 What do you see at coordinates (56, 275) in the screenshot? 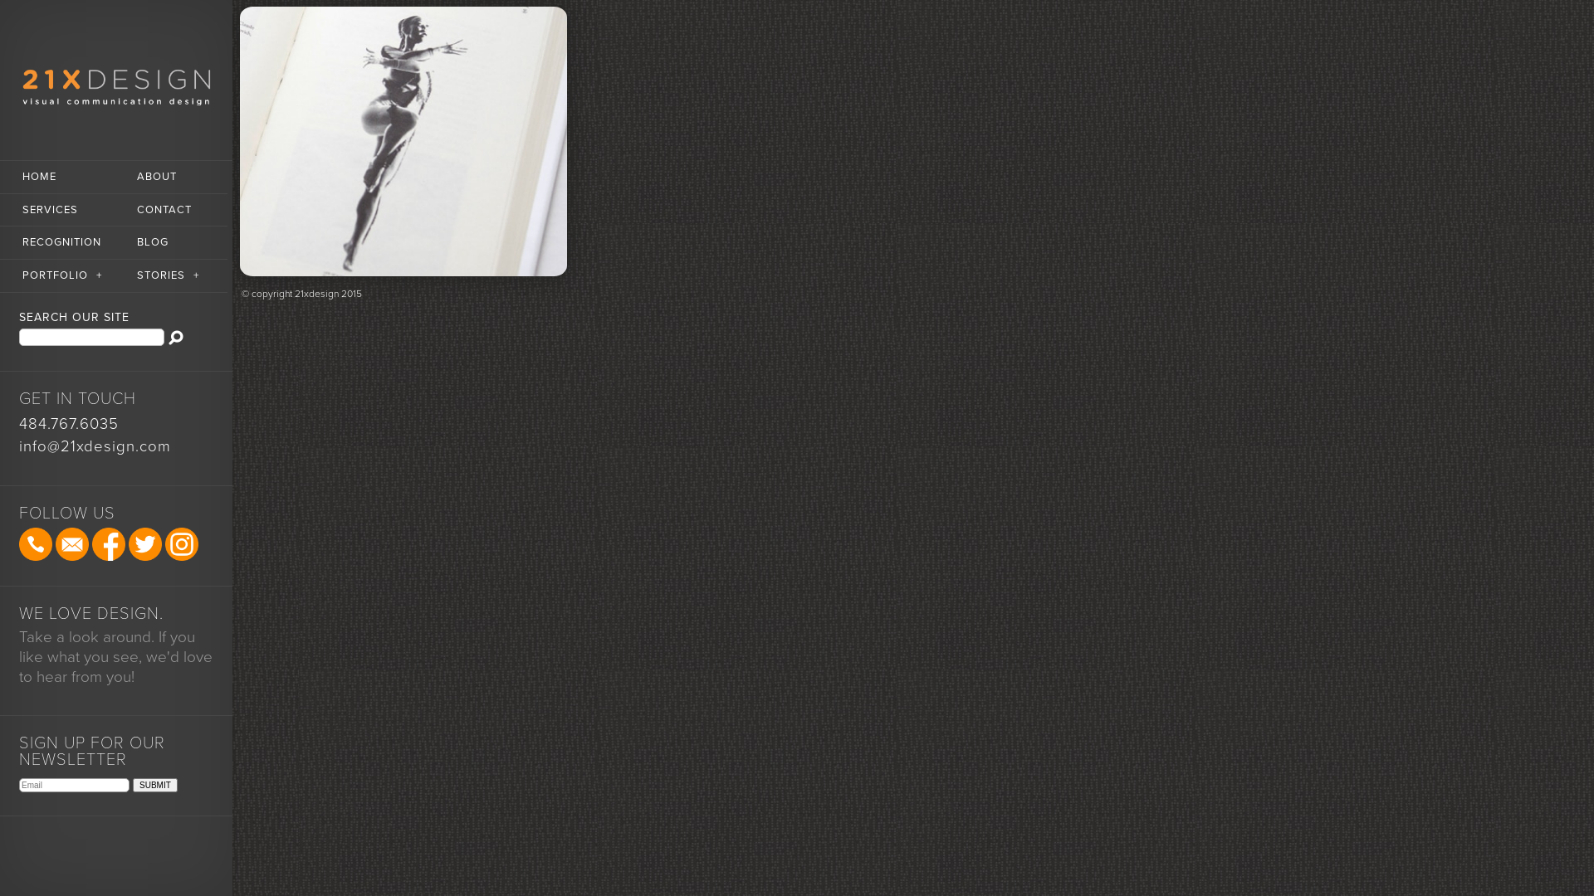
I see `'PORTFOLIO+'` at bounding box center [56, 275].